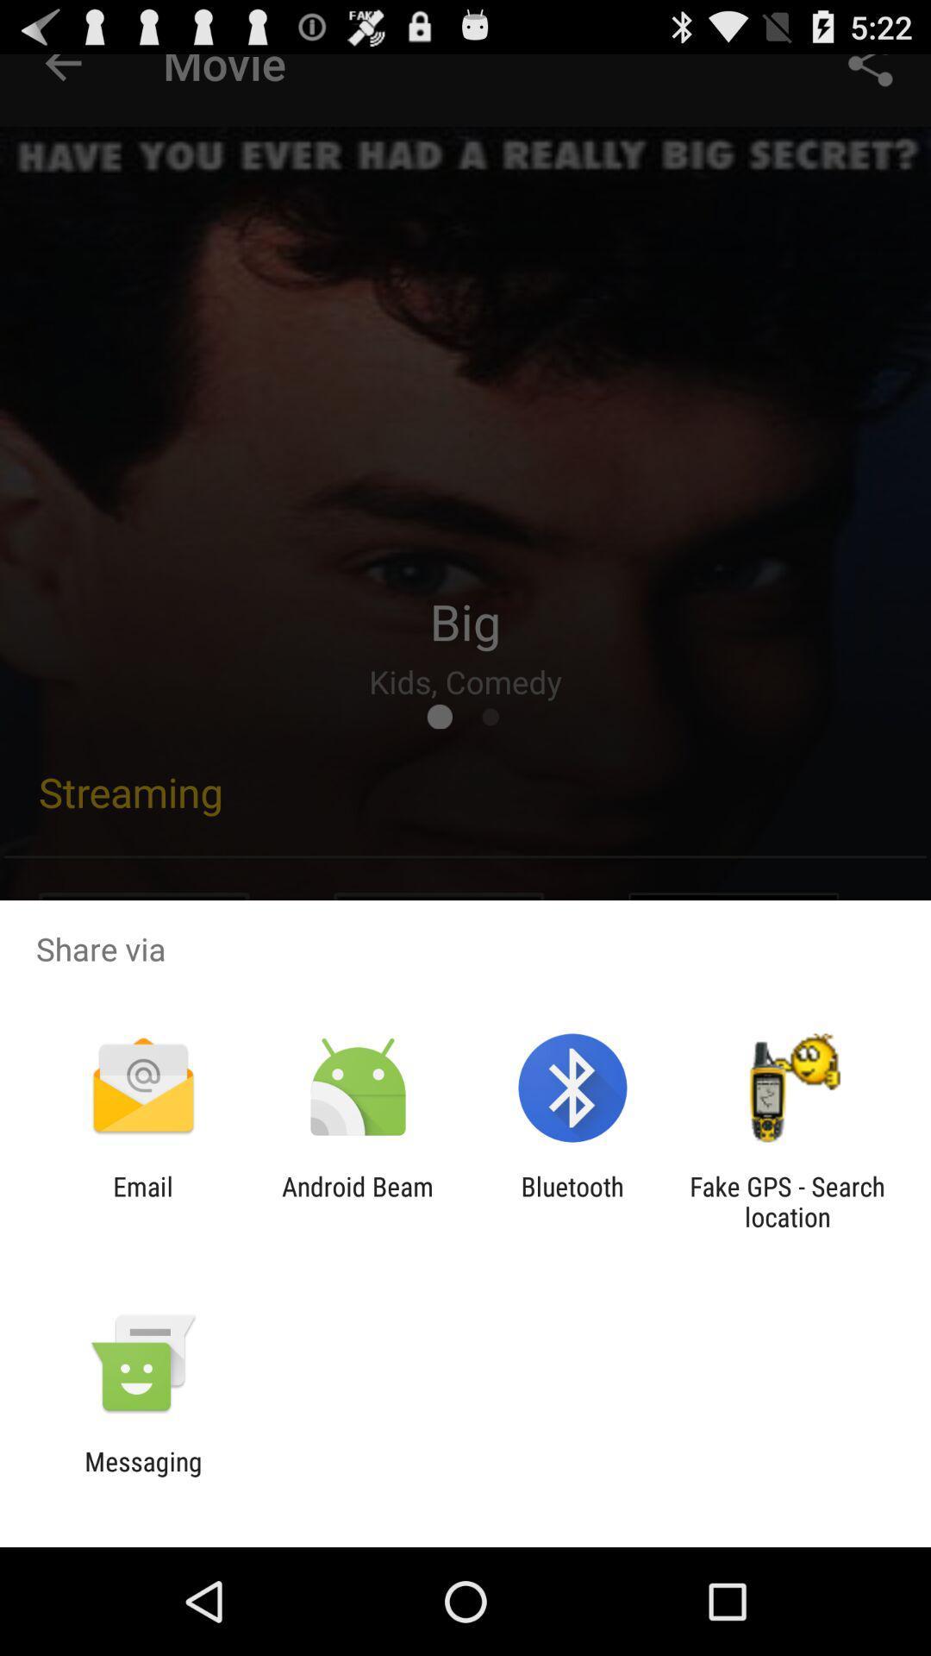 This screenshot has width=931, height=1656. What do you see at coordinates (572, 1201) in the screenshot?
I see `icon next to android beam app` at bounding box center [572, 1201].